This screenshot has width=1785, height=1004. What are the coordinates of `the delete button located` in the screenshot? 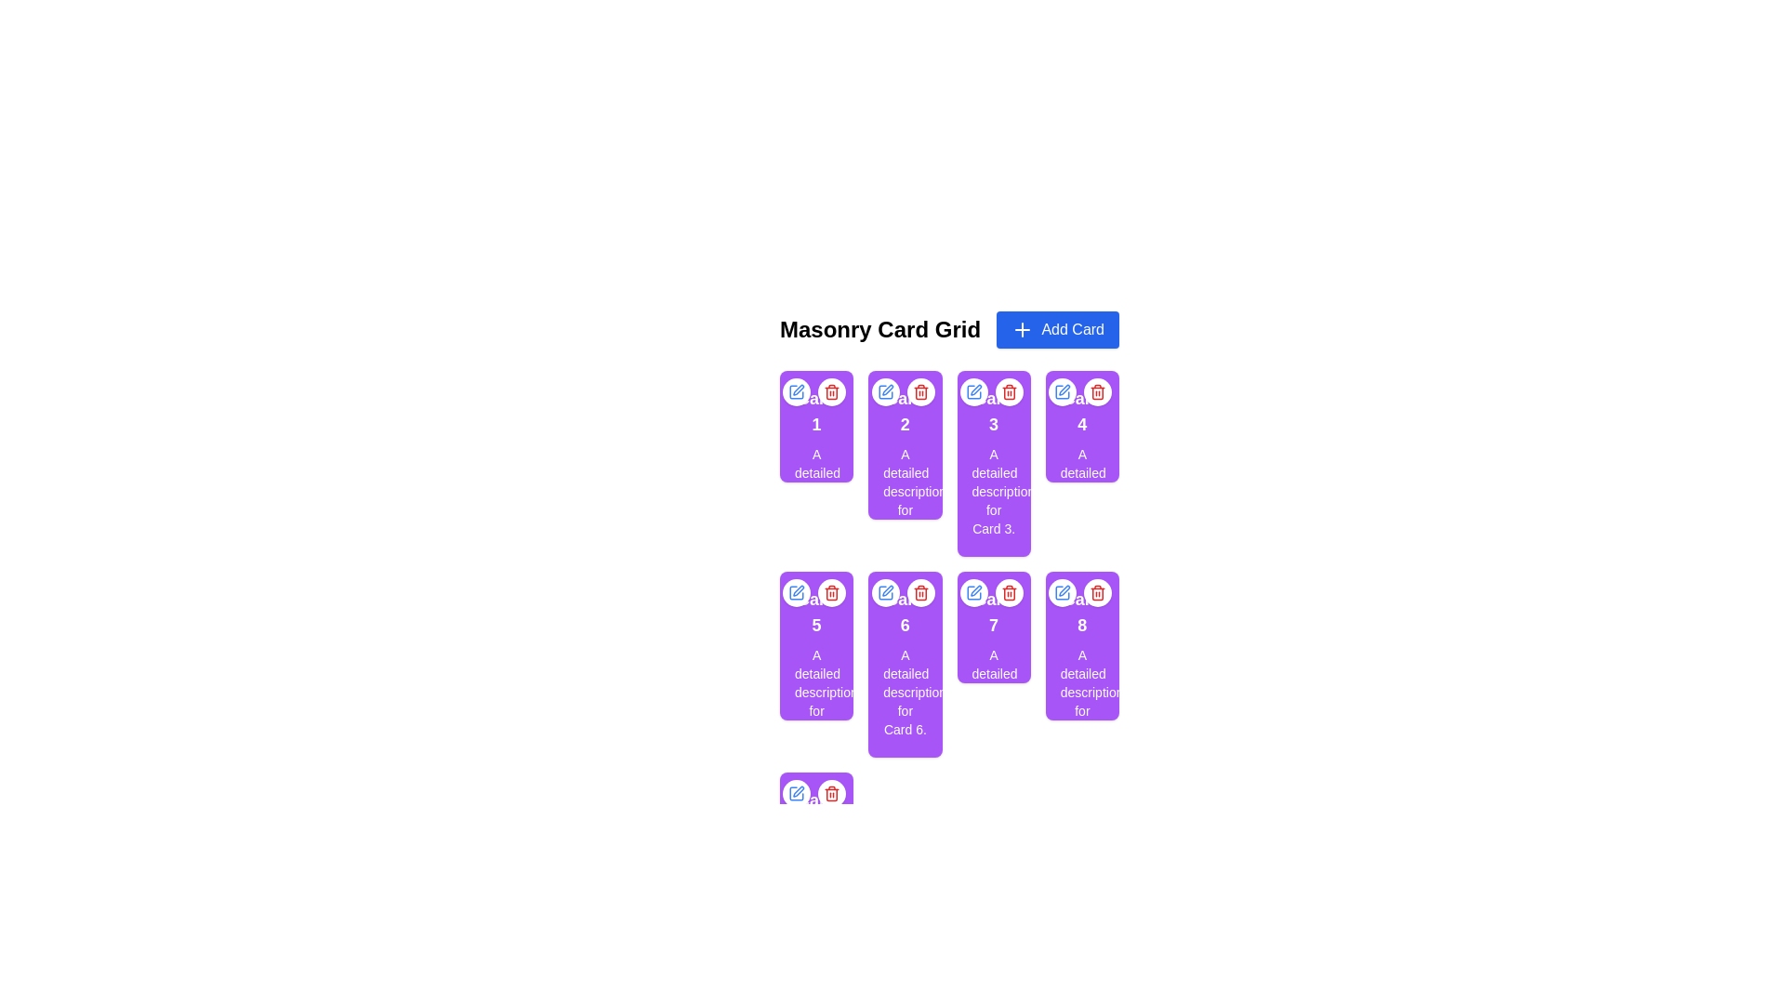 It's located at (1008, 592).